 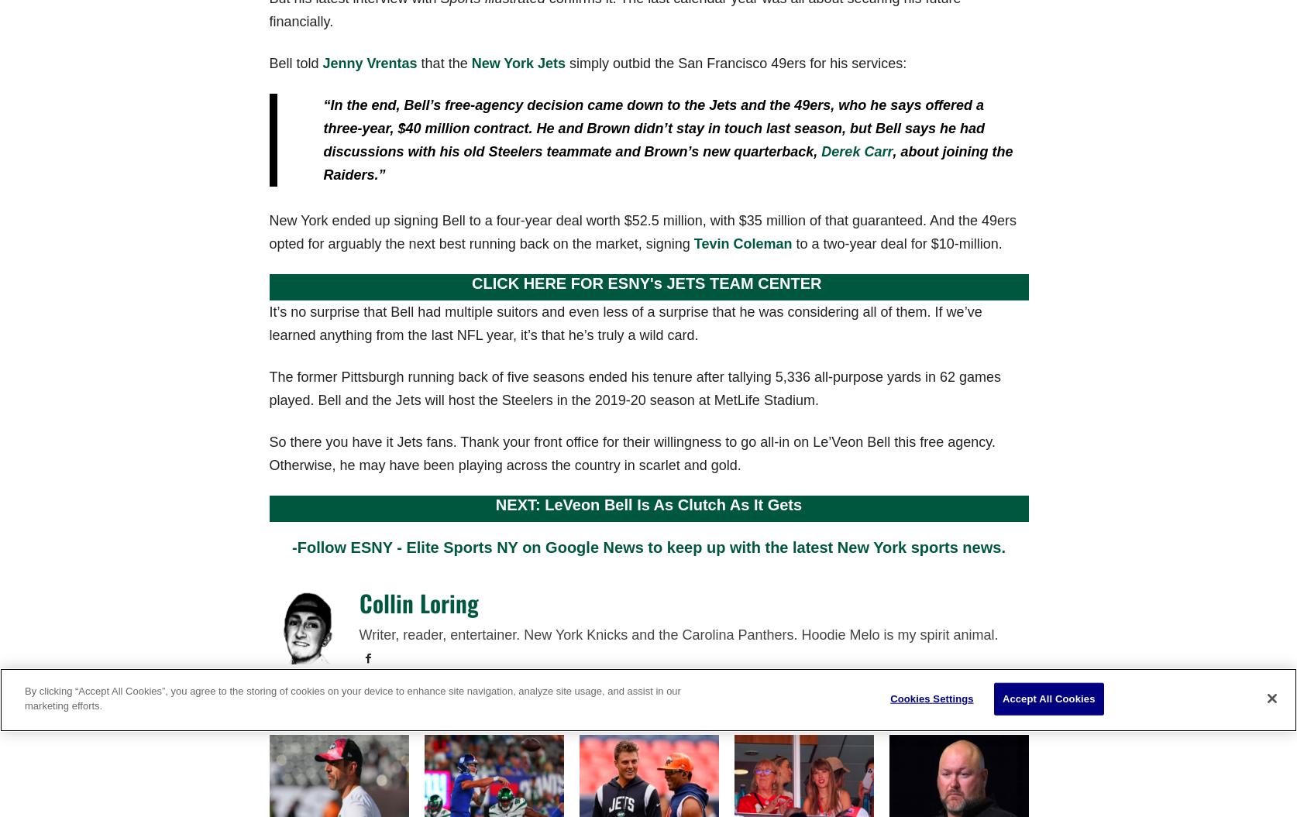 I want to click on '-Follow ESNY - Elite Sports NY on Google News to keep up with the latest New York sports news.', so click(x=648, y=547).